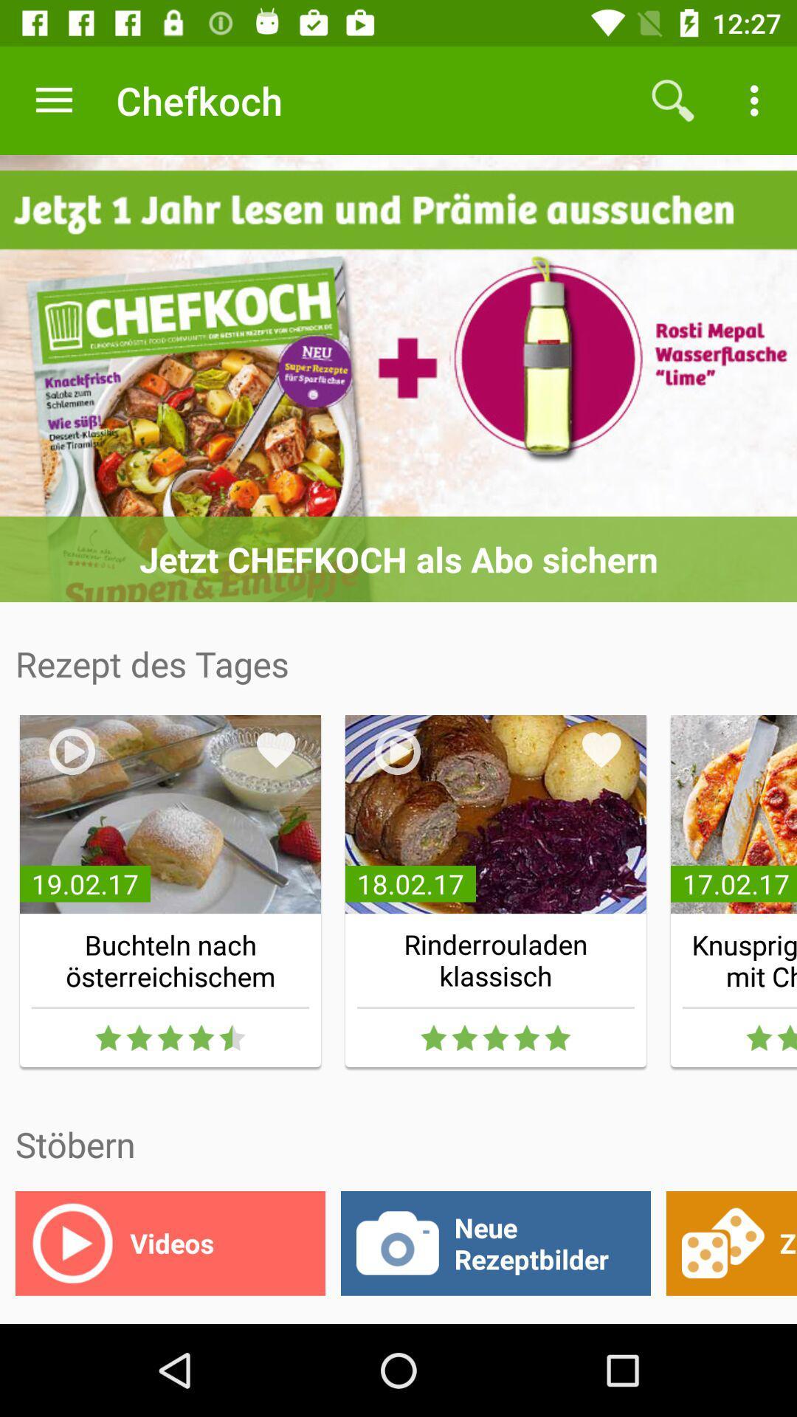 This screenshot has height=1417, width=797. I want to click on icon next to chefkoch item, so click(672, 100).